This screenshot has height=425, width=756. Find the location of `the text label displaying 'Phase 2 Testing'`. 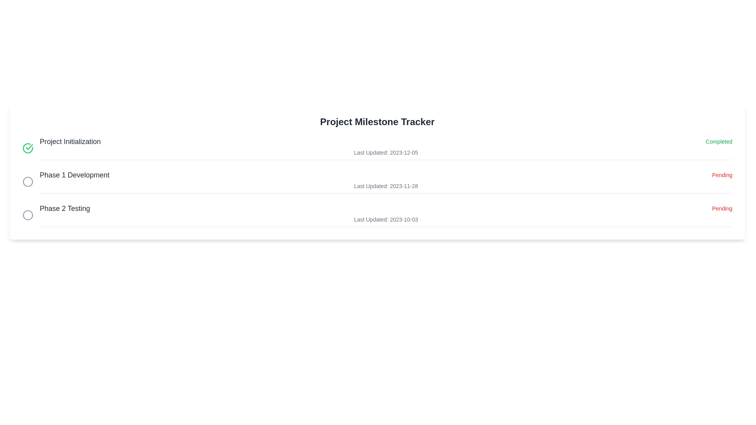

the text label displaying 'Phase 2 Testing' is located at coordinates (65, 208).